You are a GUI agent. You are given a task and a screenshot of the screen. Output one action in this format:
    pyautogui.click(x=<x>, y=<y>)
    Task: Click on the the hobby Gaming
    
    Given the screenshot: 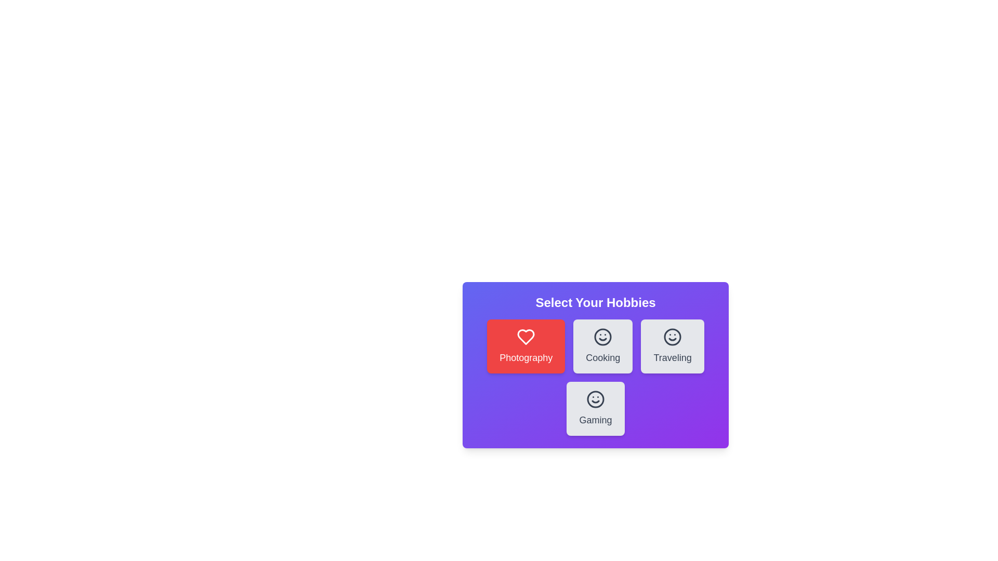 What is the action you would take?
    pyautogui.click(x=596, y=408)
    